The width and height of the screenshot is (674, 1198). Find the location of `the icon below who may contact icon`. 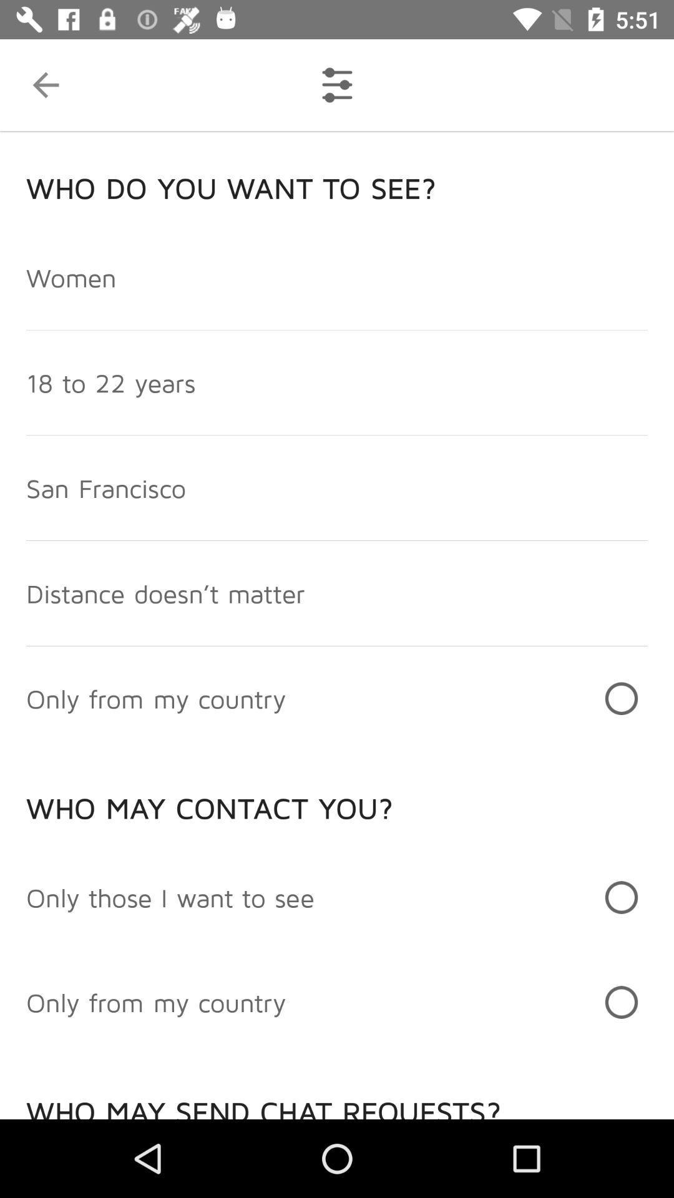

the icon below who may contact icon is located at coordinates (170, 897).